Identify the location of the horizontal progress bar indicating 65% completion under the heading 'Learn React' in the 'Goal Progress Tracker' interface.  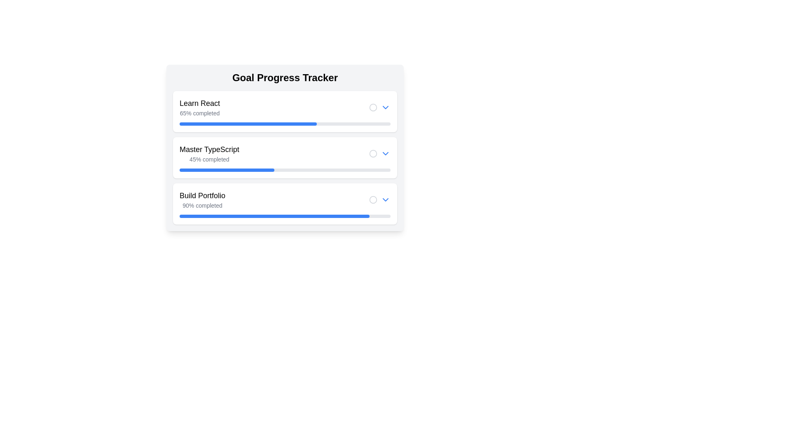
(285, 124).